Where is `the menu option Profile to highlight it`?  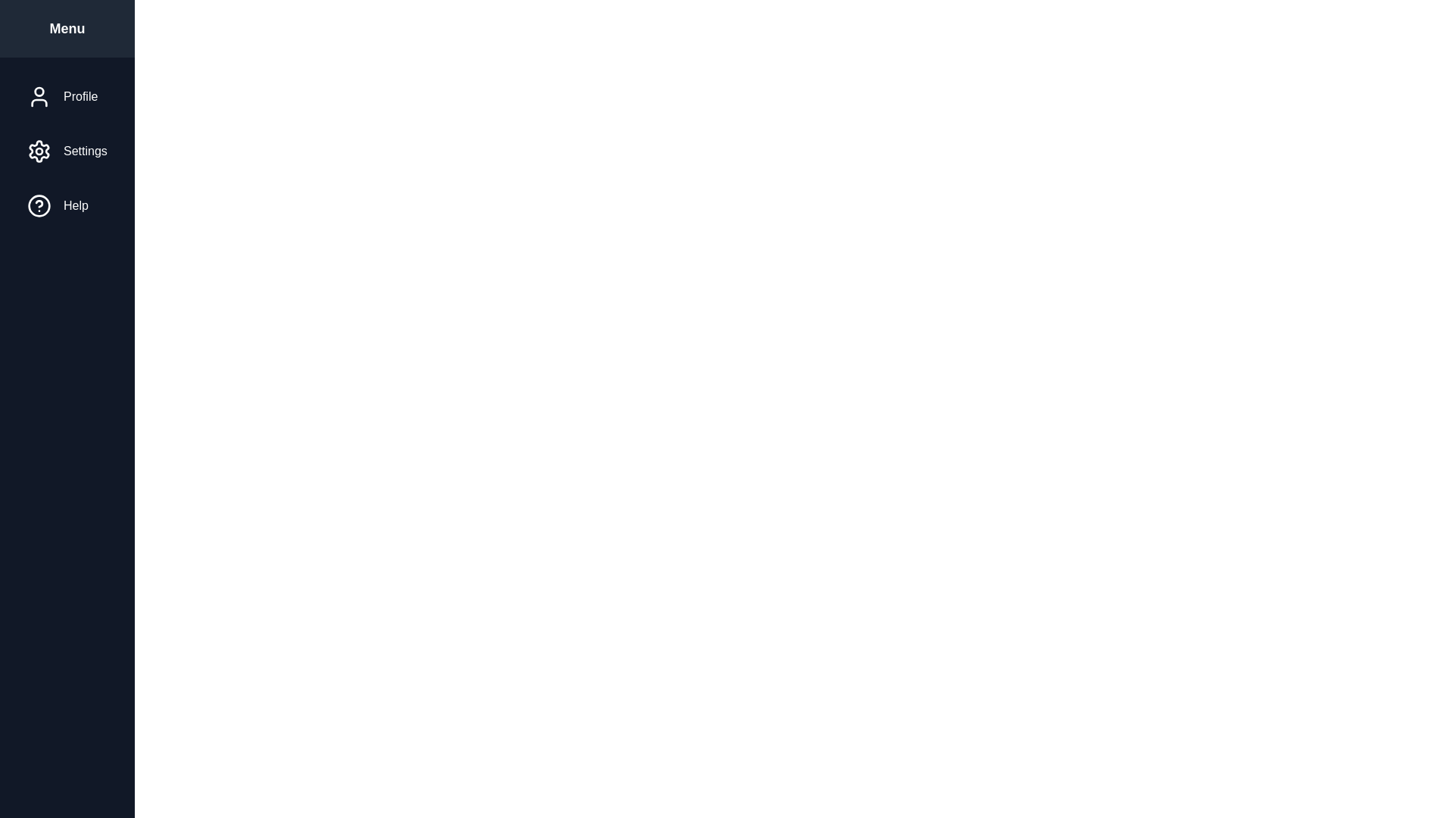
the menu option Profile to highlight it is located at coordinates (66, 96).